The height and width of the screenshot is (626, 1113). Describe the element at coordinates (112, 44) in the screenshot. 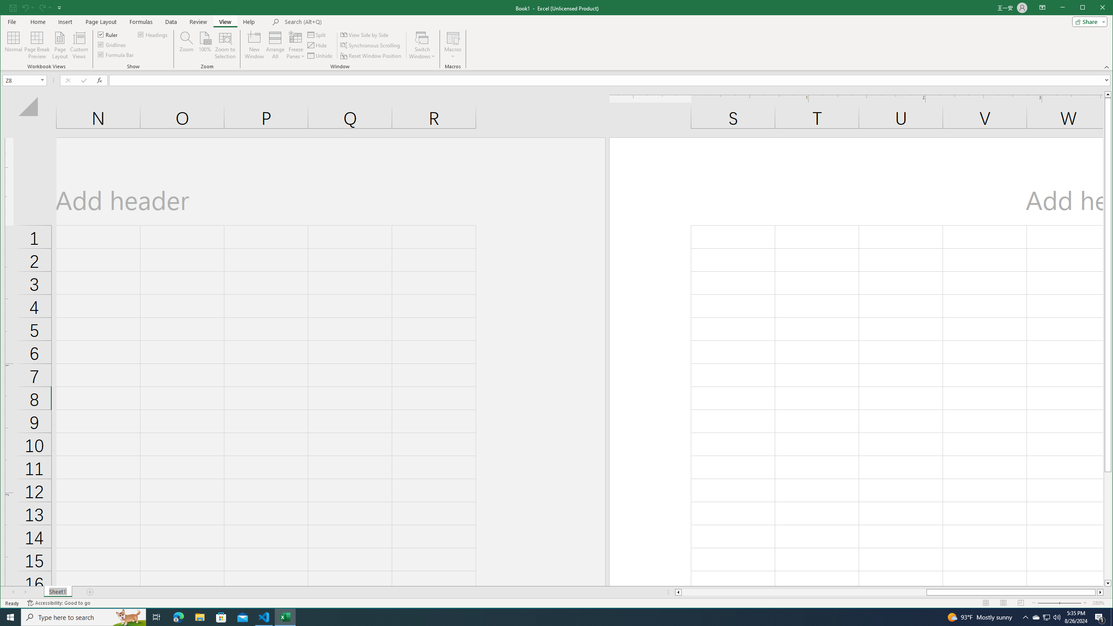

I see `'Gridlines'` at that location.